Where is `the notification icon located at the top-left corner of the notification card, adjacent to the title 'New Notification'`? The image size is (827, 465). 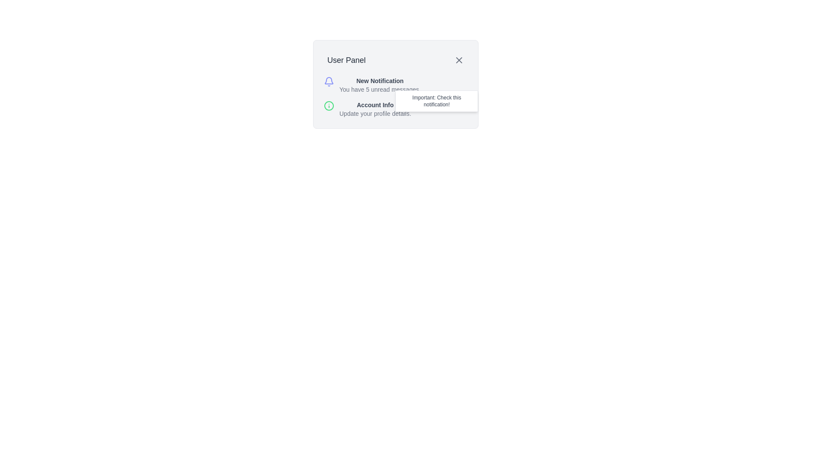 the notification icon located at the top-left corner of the notification card, adjacent to the title 'New Notification' is located at coordinates (328, 81).